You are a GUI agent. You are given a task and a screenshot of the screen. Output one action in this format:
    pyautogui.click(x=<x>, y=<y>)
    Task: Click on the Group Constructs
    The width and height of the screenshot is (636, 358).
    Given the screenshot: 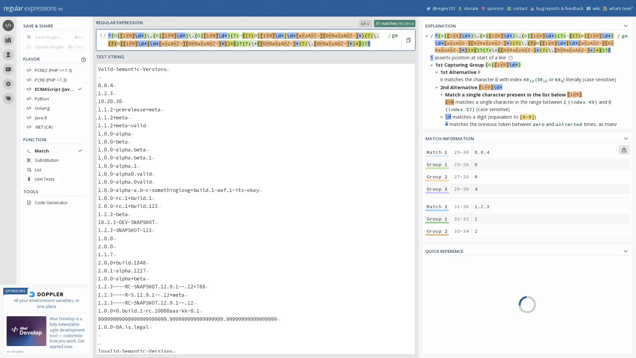 What is the action you would take?
    pyautogui.click(x=456, y=332)
    